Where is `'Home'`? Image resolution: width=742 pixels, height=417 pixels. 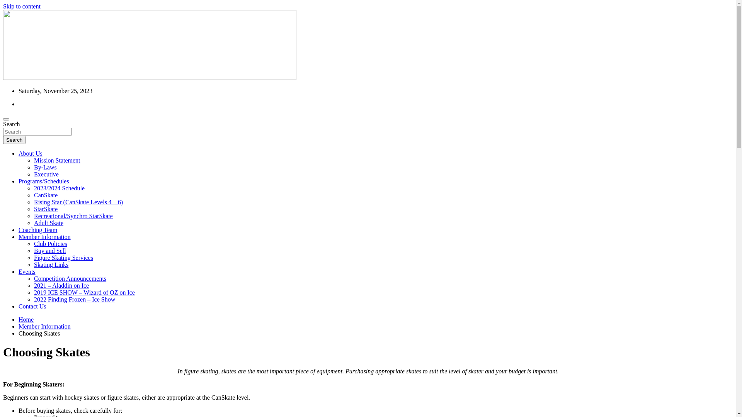
'Home' is located at coordinates (26, 319).